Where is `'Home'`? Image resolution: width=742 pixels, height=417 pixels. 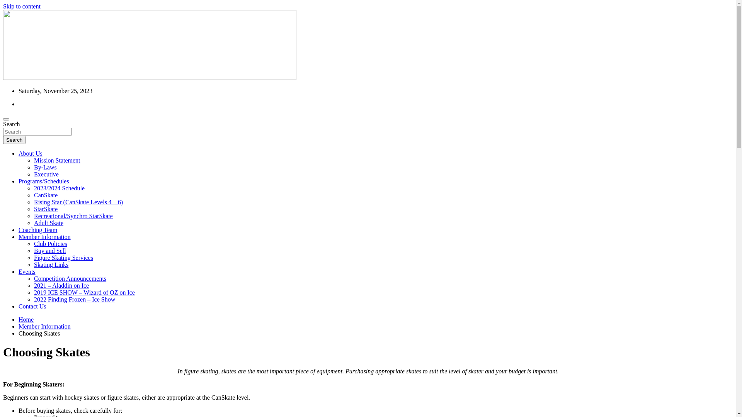
'Home' is located at coordinates (26, 319).